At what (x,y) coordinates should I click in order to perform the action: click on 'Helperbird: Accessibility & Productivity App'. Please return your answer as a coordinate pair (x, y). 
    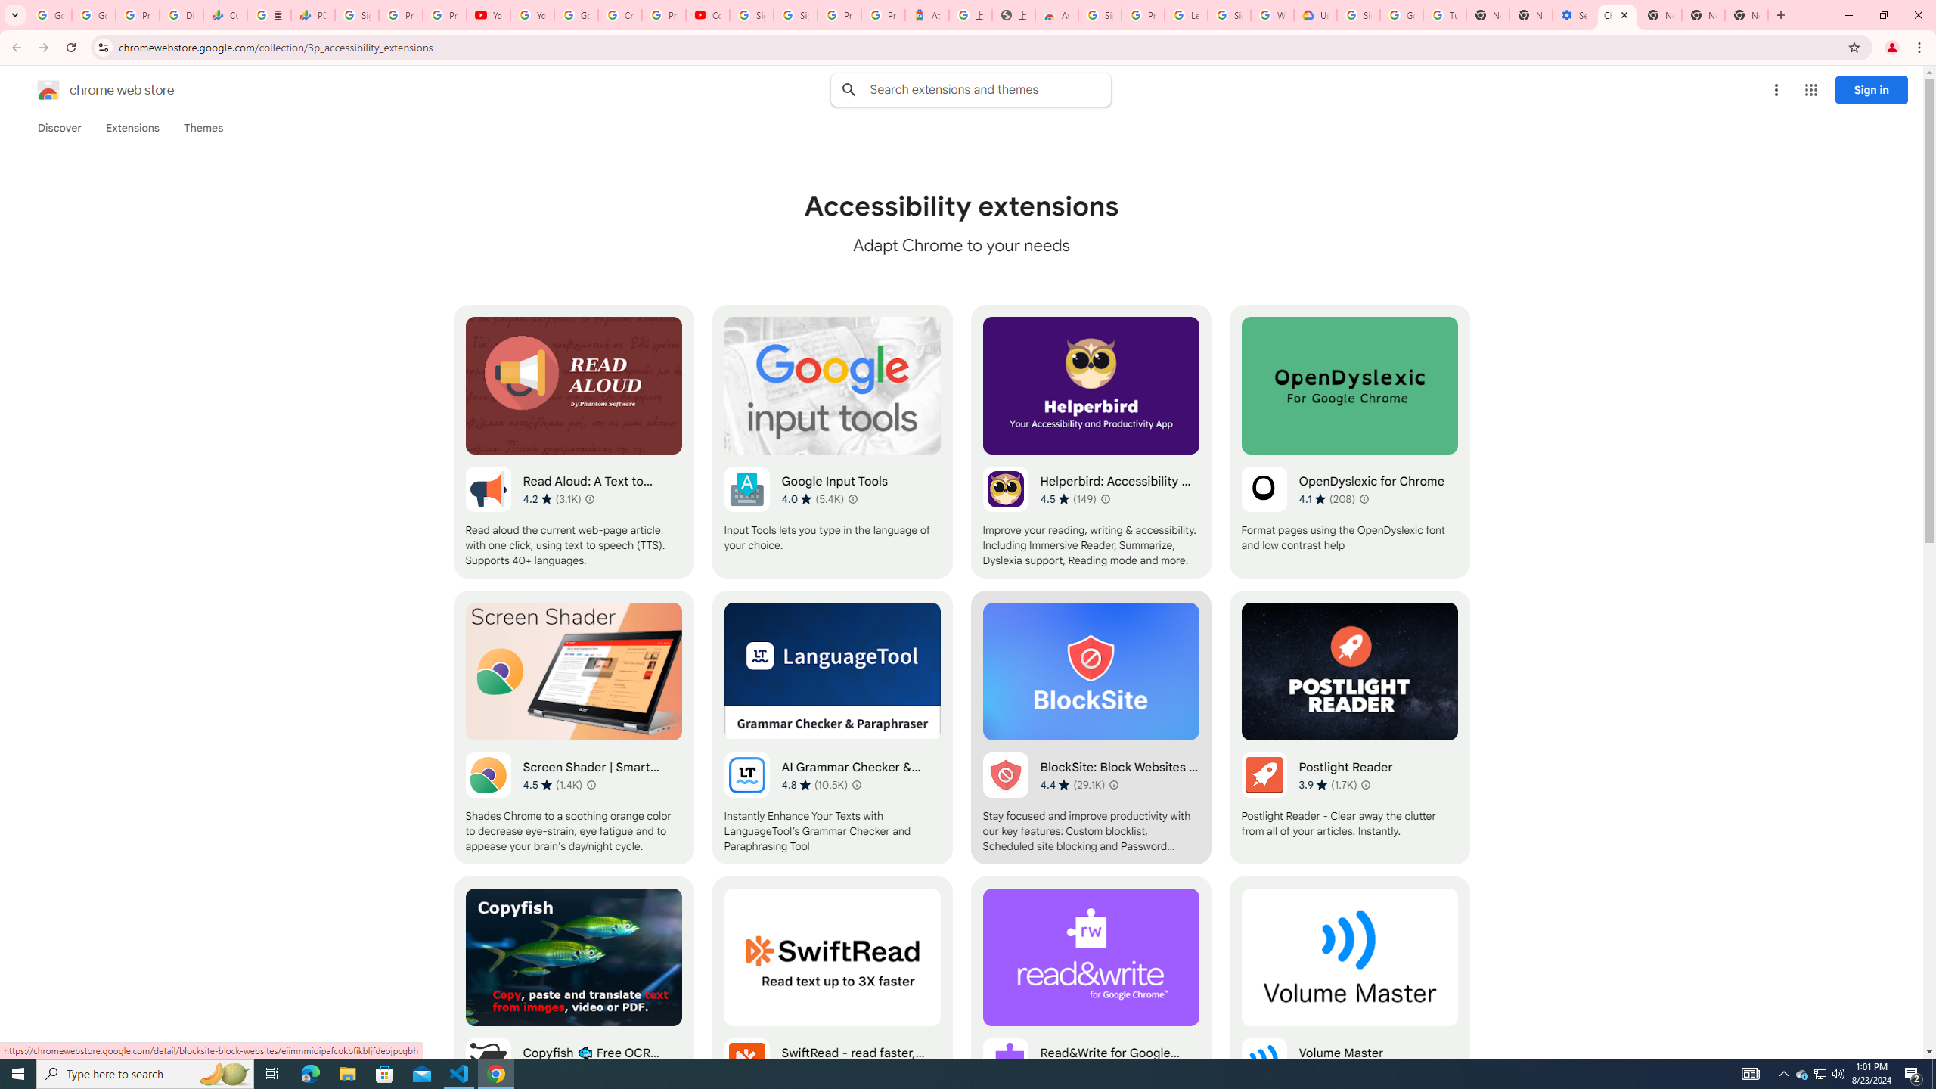
    Looking at the image, I should click on (1091, 440).